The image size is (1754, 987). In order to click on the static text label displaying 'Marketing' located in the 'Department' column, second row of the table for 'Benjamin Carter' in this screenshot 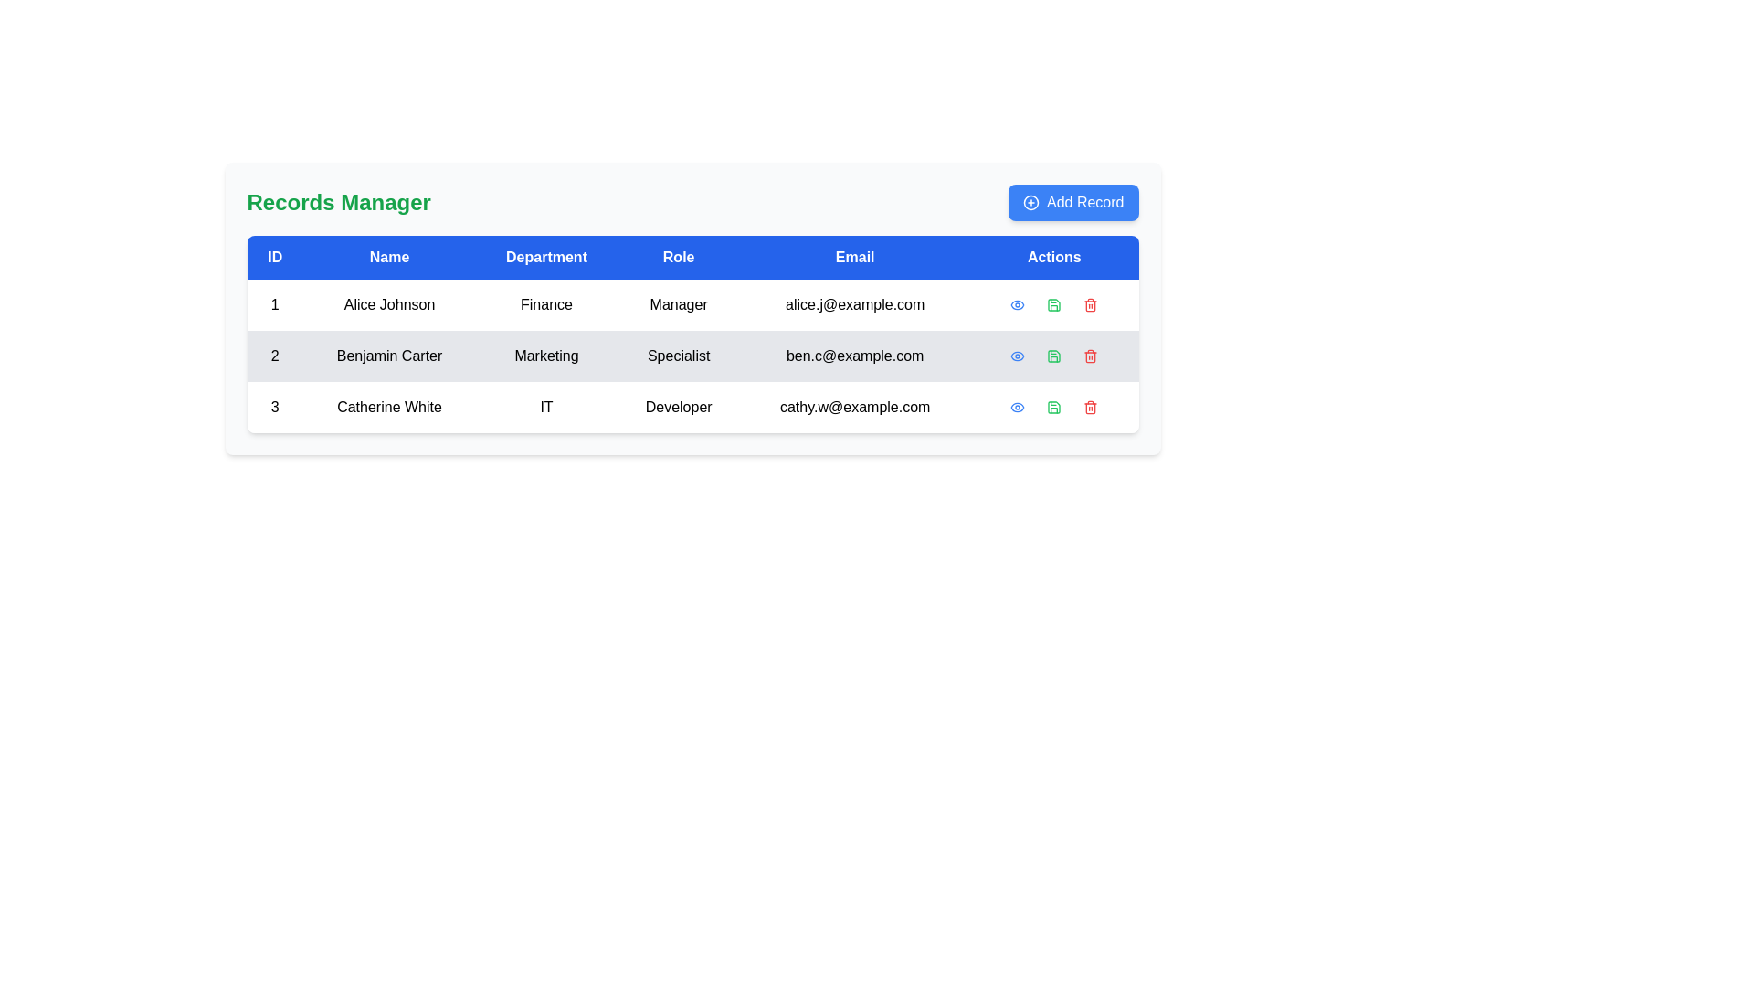, I will do `click(545, 356)`.